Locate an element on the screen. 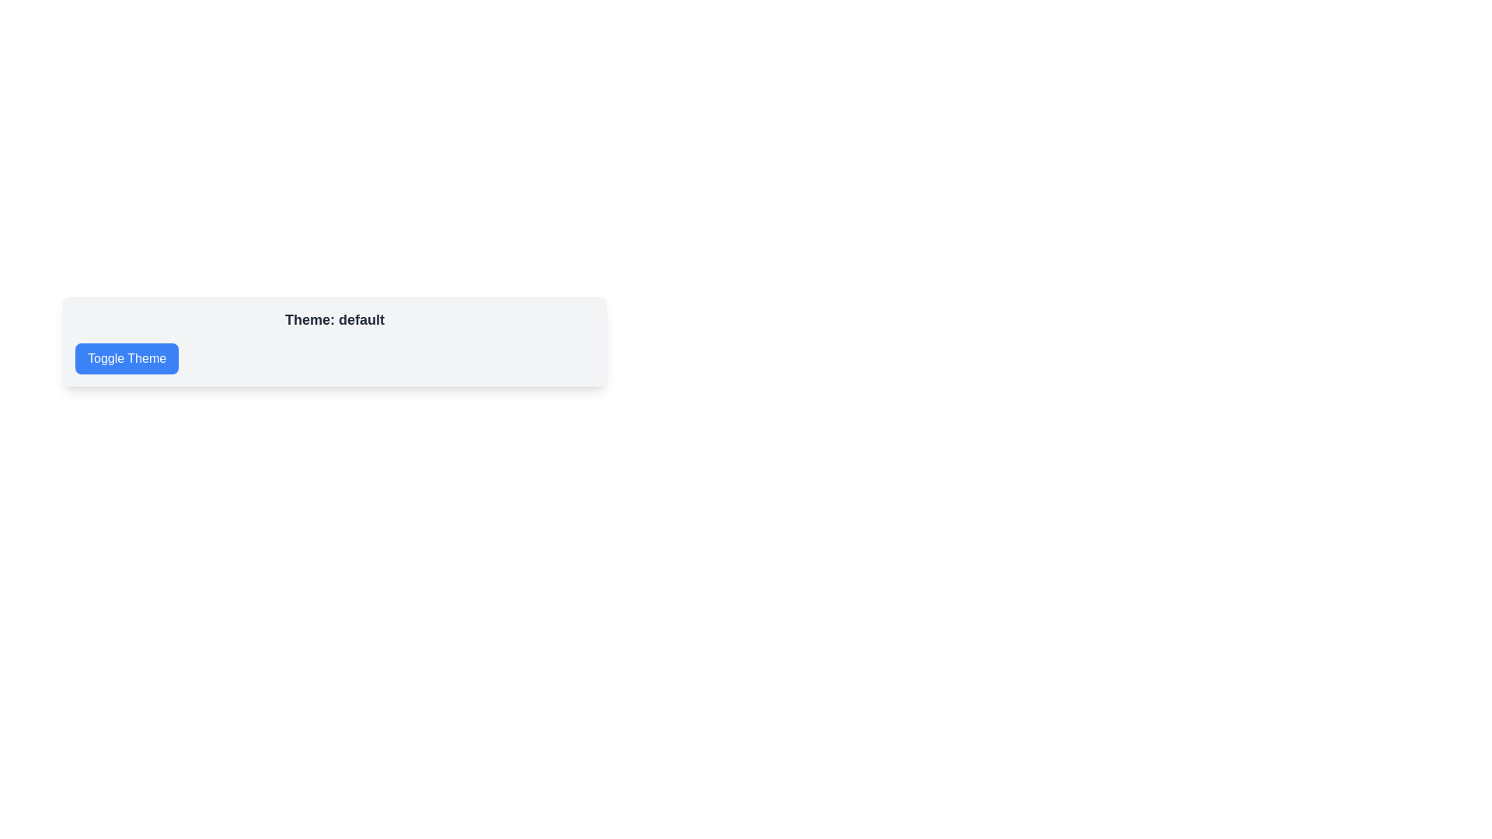 This screenshot has height=839, width=1492. the 'Toggle Theme' button, which is a rectangular button with a blue background and white text, positioned at the bottom left of the layout is located at coordinates (127, 359).